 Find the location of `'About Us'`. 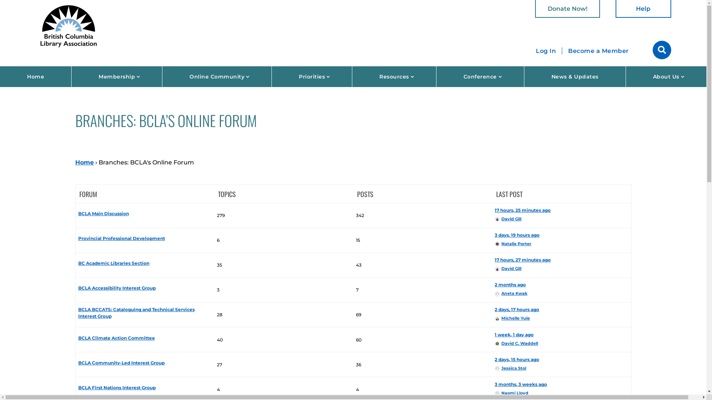

'About Us' is located at coordinates (666, 77).